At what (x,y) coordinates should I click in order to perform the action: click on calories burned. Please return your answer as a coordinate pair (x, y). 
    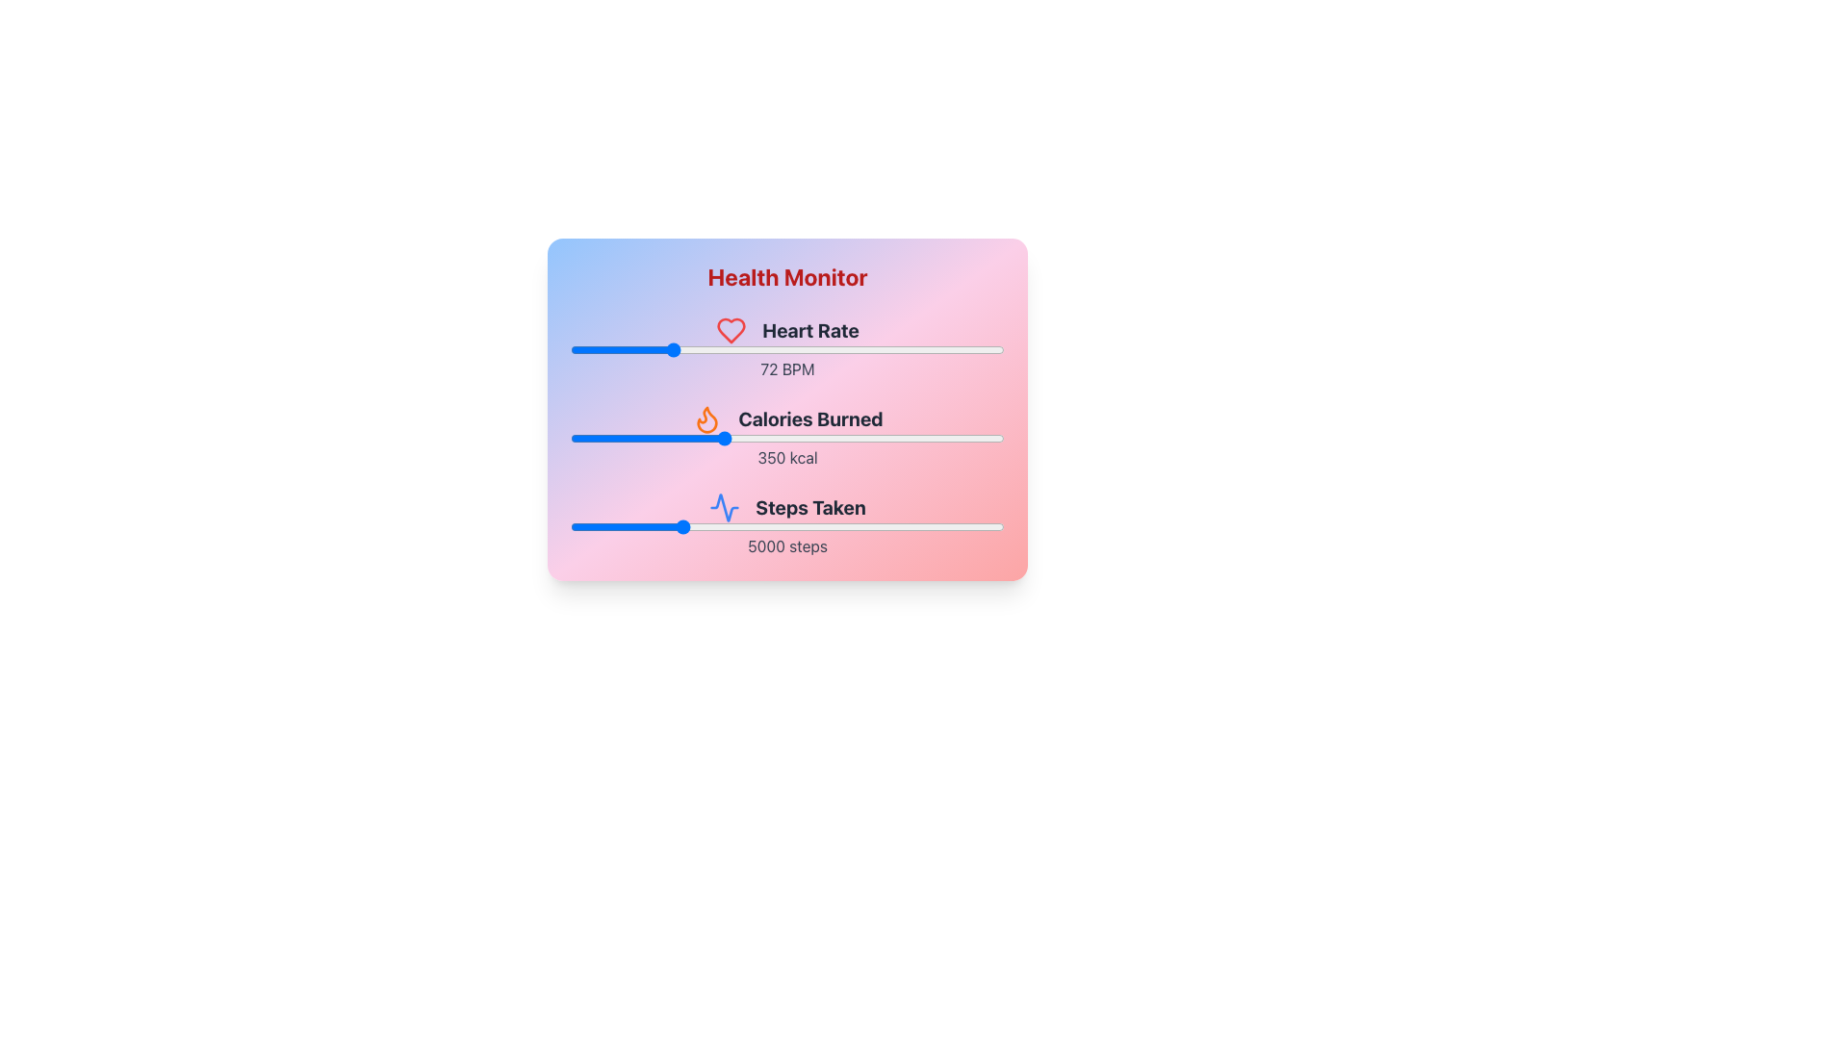
    Looking at the image, I should click on (928, 438).